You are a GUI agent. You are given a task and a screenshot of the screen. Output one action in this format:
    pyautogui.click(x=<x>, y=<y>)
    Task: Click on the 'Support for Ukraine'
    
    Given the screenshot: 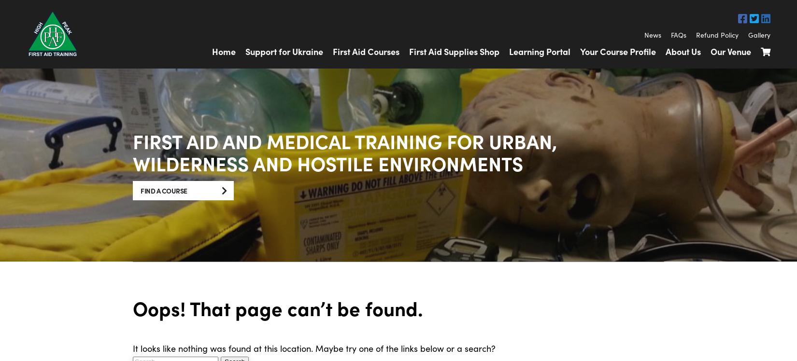 What is the action you would take?
    pyautogui.click(x=284, y=51)
    